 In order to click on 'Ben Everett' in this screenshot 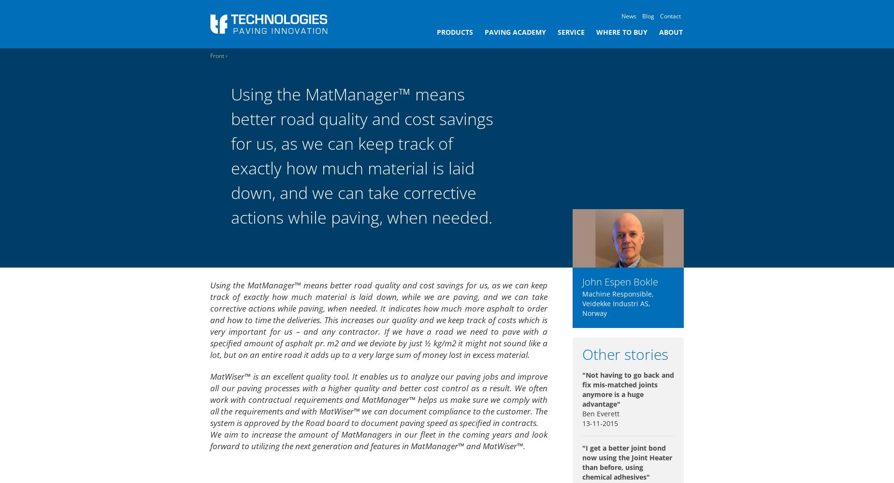, I will do `click(582, 413)`.